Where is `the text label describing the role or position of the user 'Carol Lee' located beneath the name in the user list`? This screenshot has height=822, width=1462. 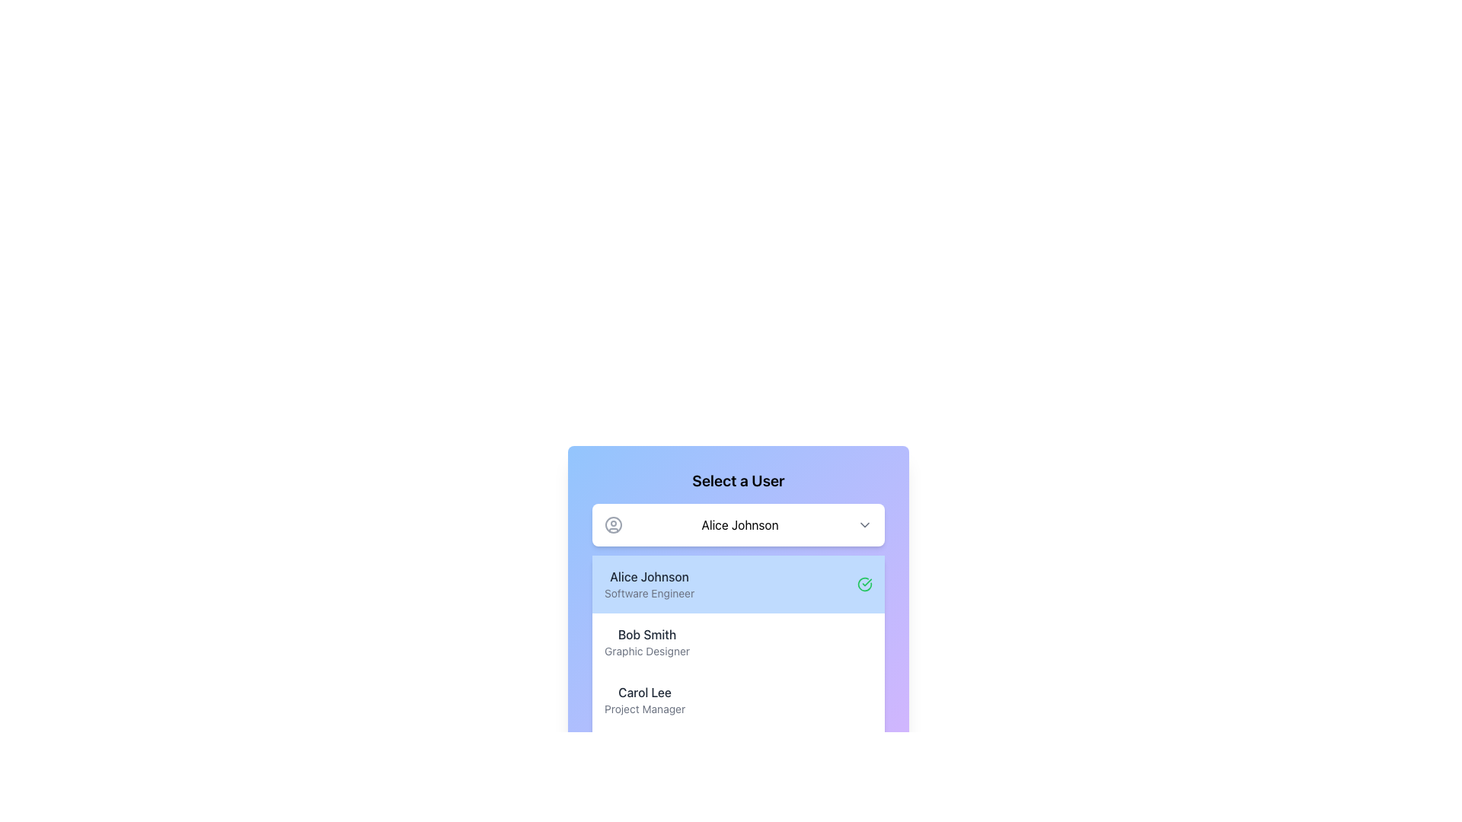 the text label describing the role or position of the user 'Carol Lee' located beneath the name in the user list is located at coordinates (645, 709).